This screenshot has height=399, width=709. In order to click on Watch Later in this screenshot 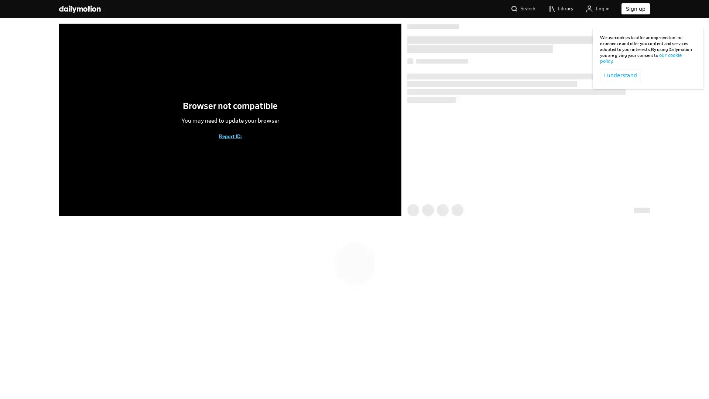, I will do `click(427, 187)`.